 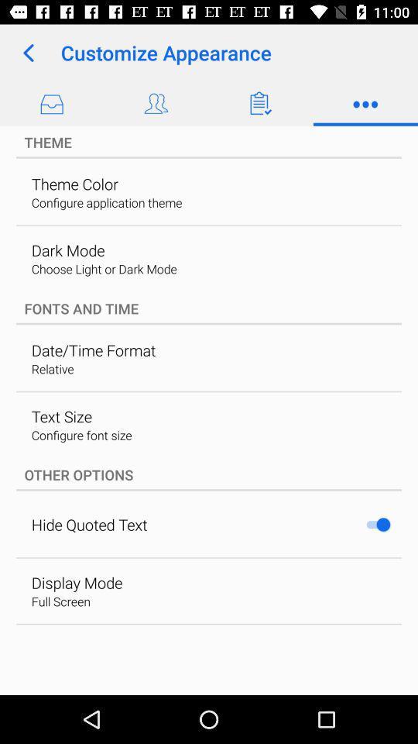 What do you see at coordinates (106, 201) in the screenshot?
I see `the configure application theme` at bounding box center [106, 201].